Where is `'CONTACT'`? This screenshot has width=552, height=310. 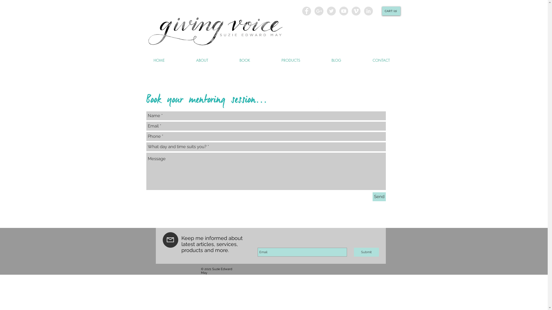
'CONTACT' is located at coordinates (381, 60).